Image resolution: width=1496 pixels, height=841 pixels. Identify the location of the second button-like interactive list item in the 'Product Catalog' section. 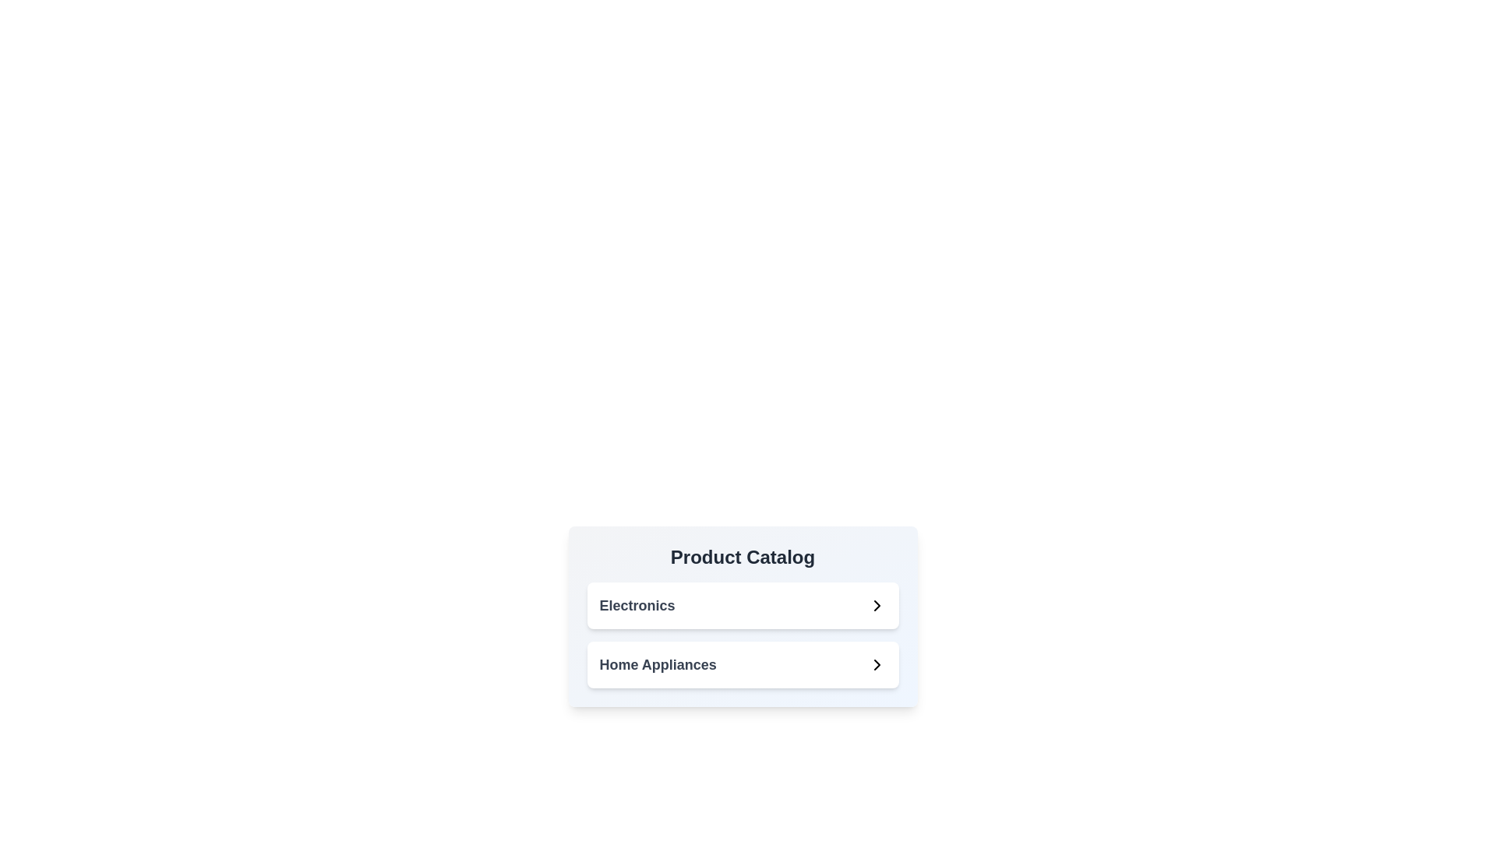
(742, 664).